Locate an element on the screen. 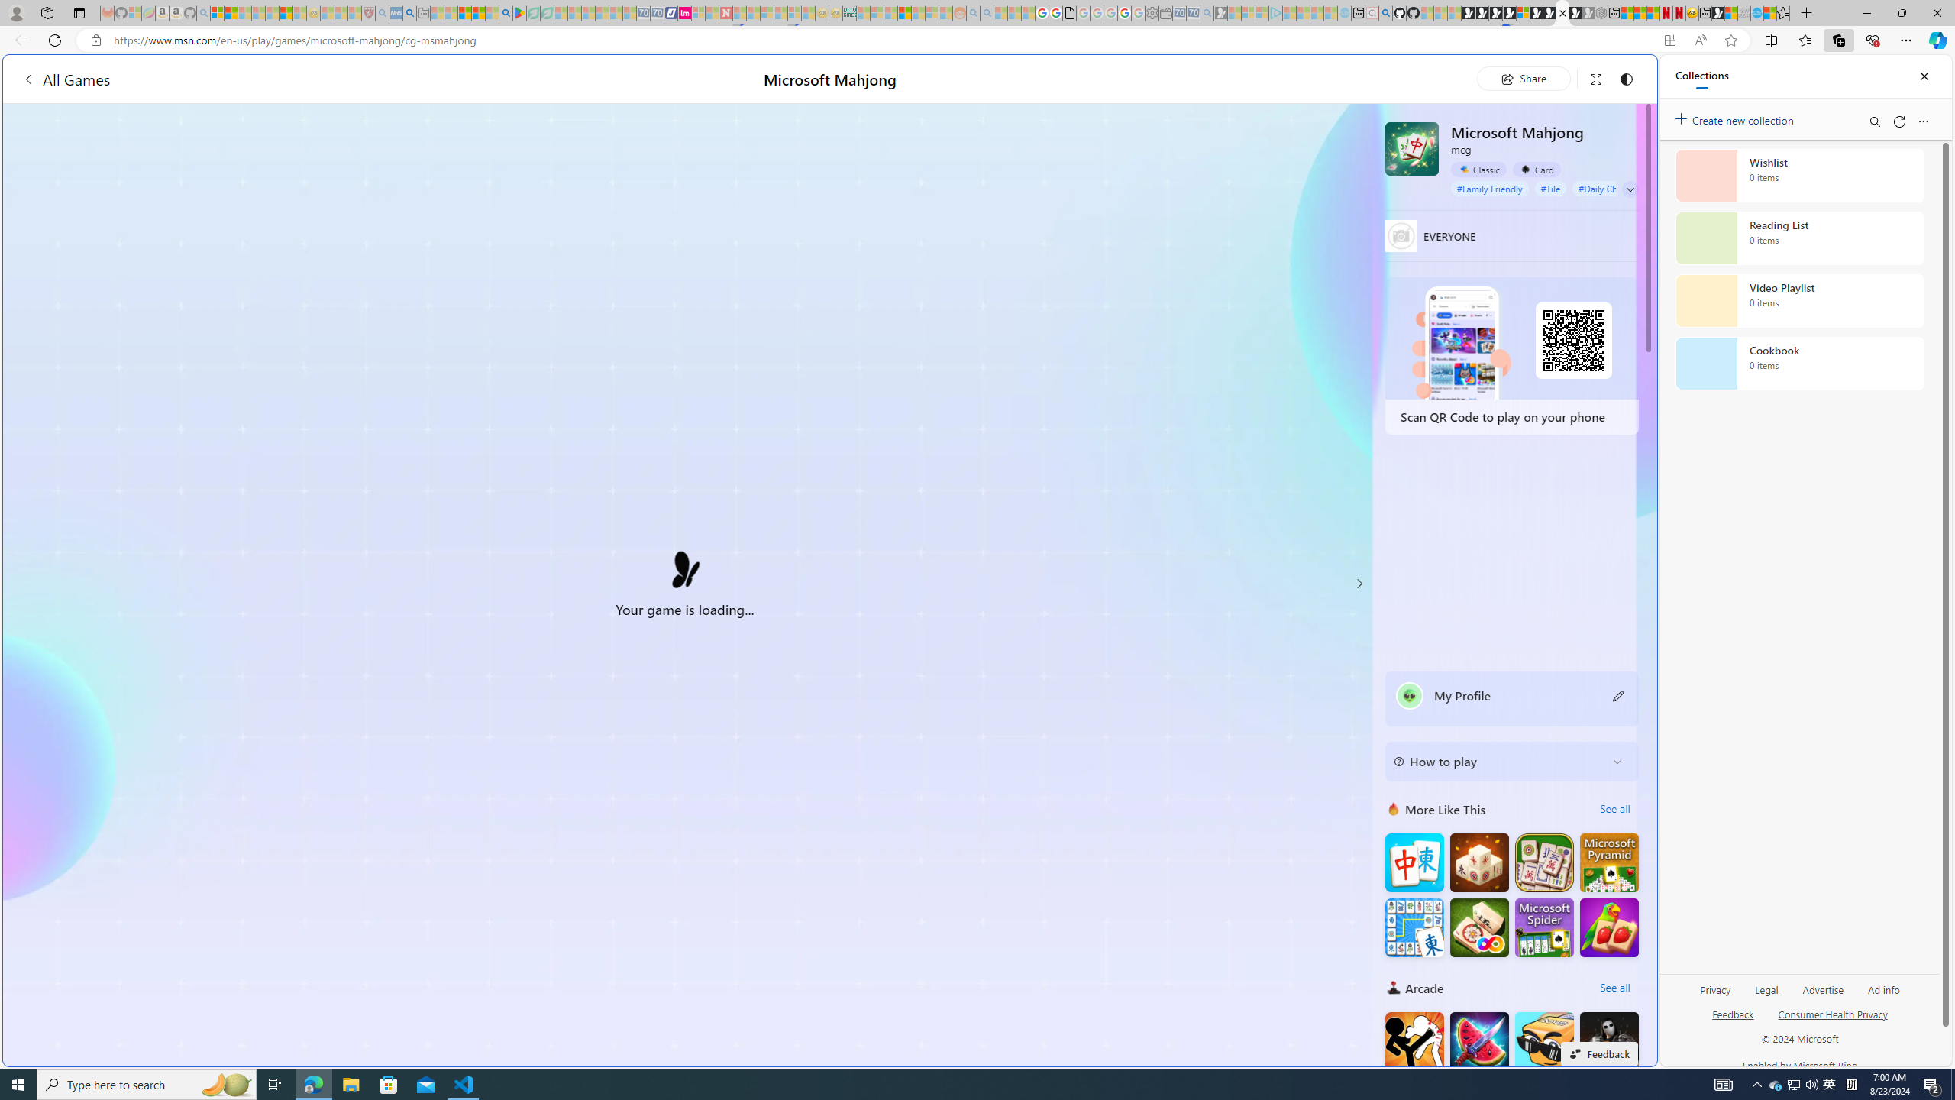 The height and width of the screenshot is (1100, 1955). 'See all' is located at coordinates (1614, 987).